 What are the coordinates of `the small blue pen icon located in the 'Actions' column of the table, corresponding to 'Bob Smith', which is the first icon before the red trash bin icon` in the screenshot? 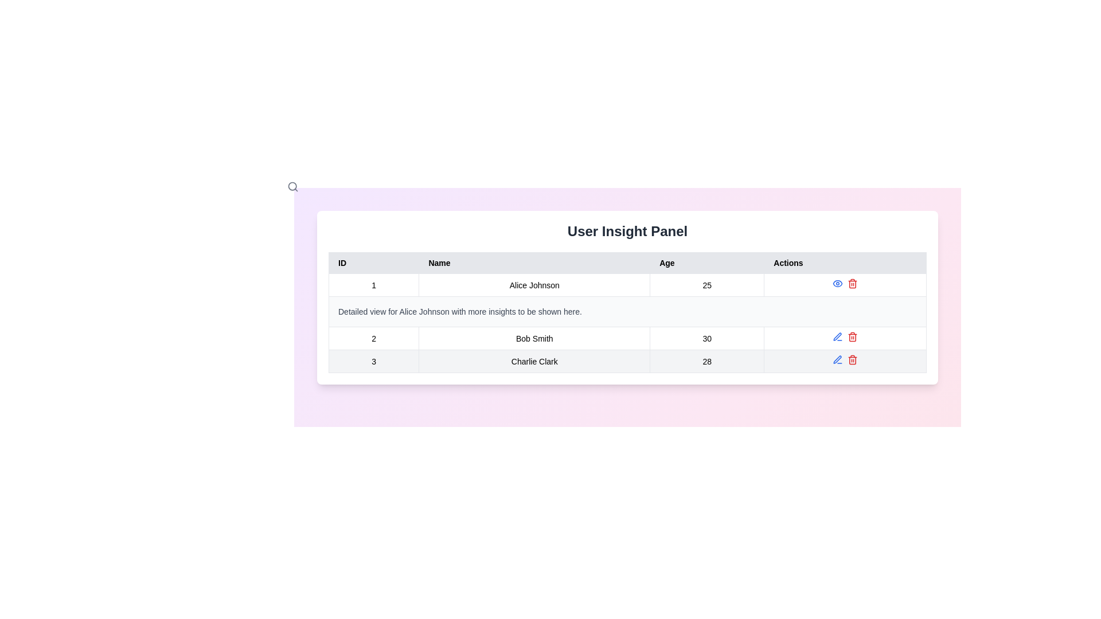 It's located at (838, 336).